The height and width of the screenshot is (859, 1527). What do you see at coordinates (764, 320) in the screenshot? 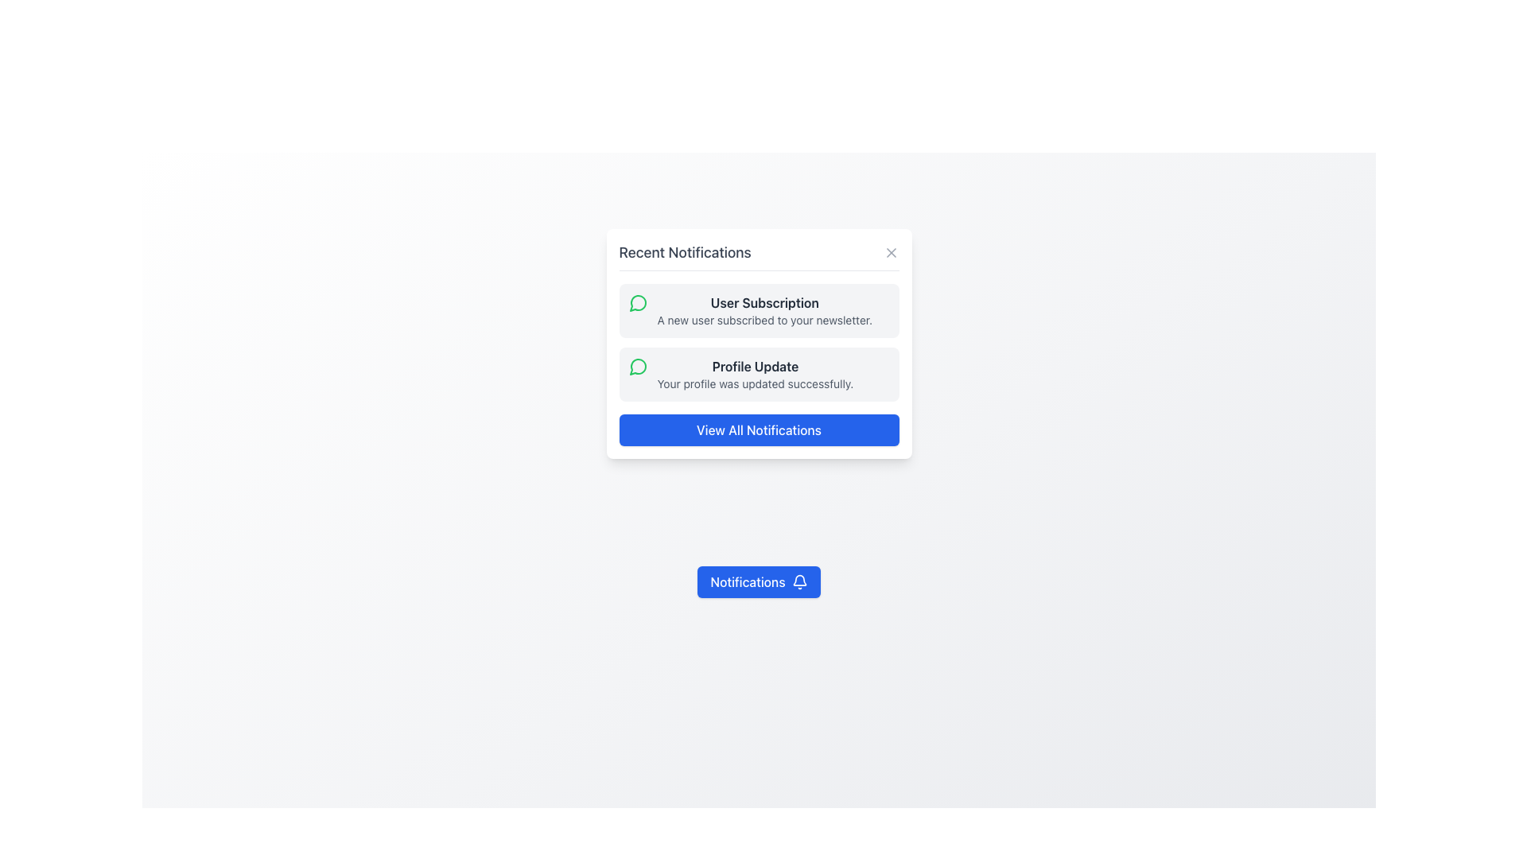
I see `the text label providing additional context for the 'User Subscription' notification situated below the title in the notification card` at bounding box center [764, 320].